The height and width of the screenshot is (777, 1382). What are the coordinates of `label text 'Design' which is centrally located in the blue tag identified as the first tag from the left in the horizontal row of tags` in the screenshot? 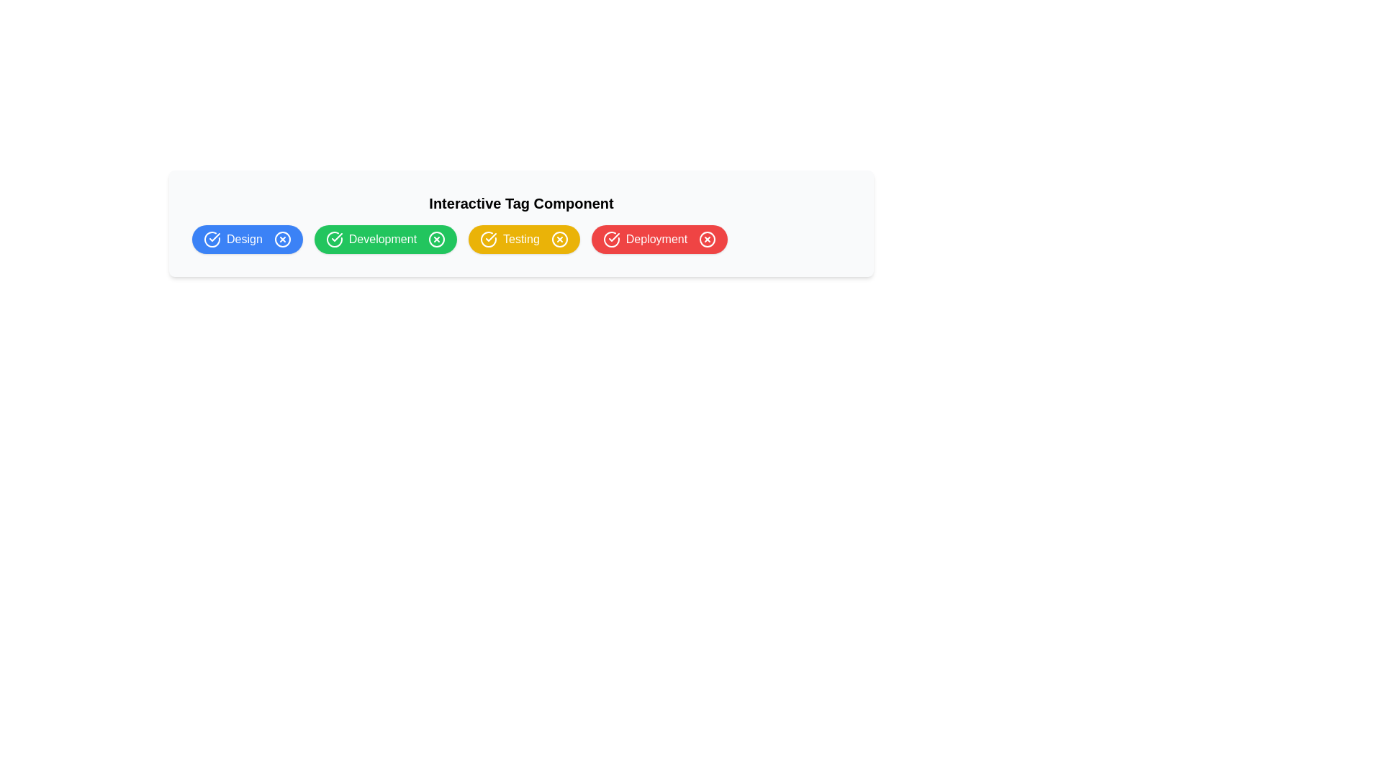 It's located at (244, 238).